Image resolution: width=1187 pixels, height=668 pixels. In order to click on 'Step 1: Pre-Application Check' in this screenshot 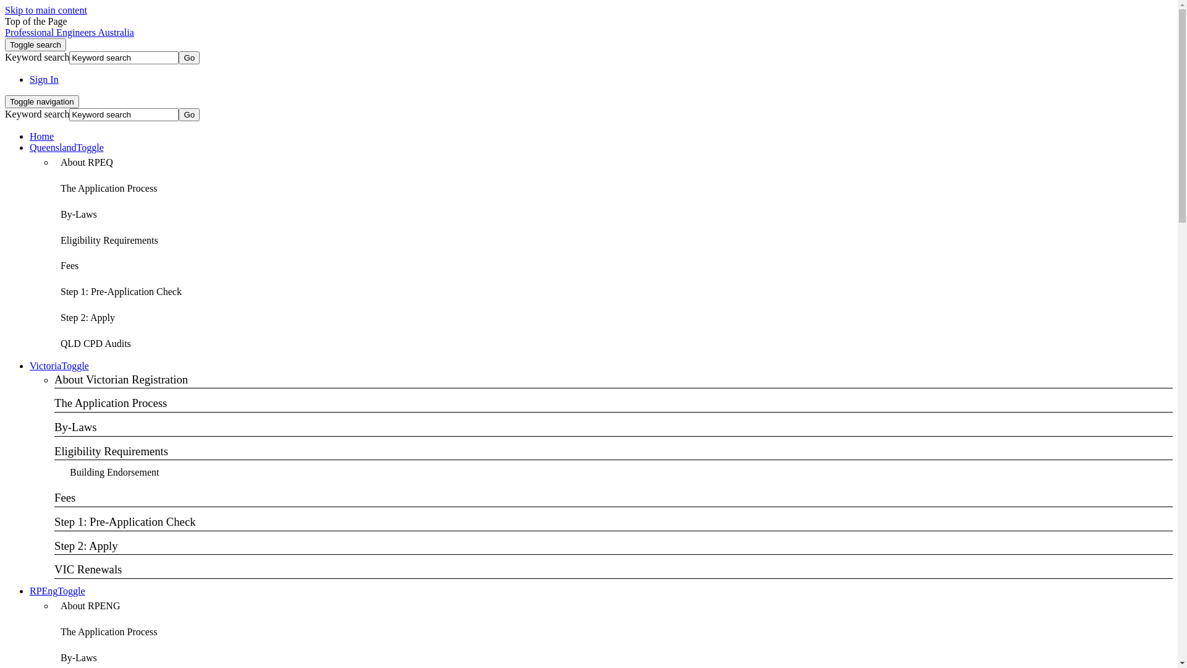, I will do `click(53, 292)`.